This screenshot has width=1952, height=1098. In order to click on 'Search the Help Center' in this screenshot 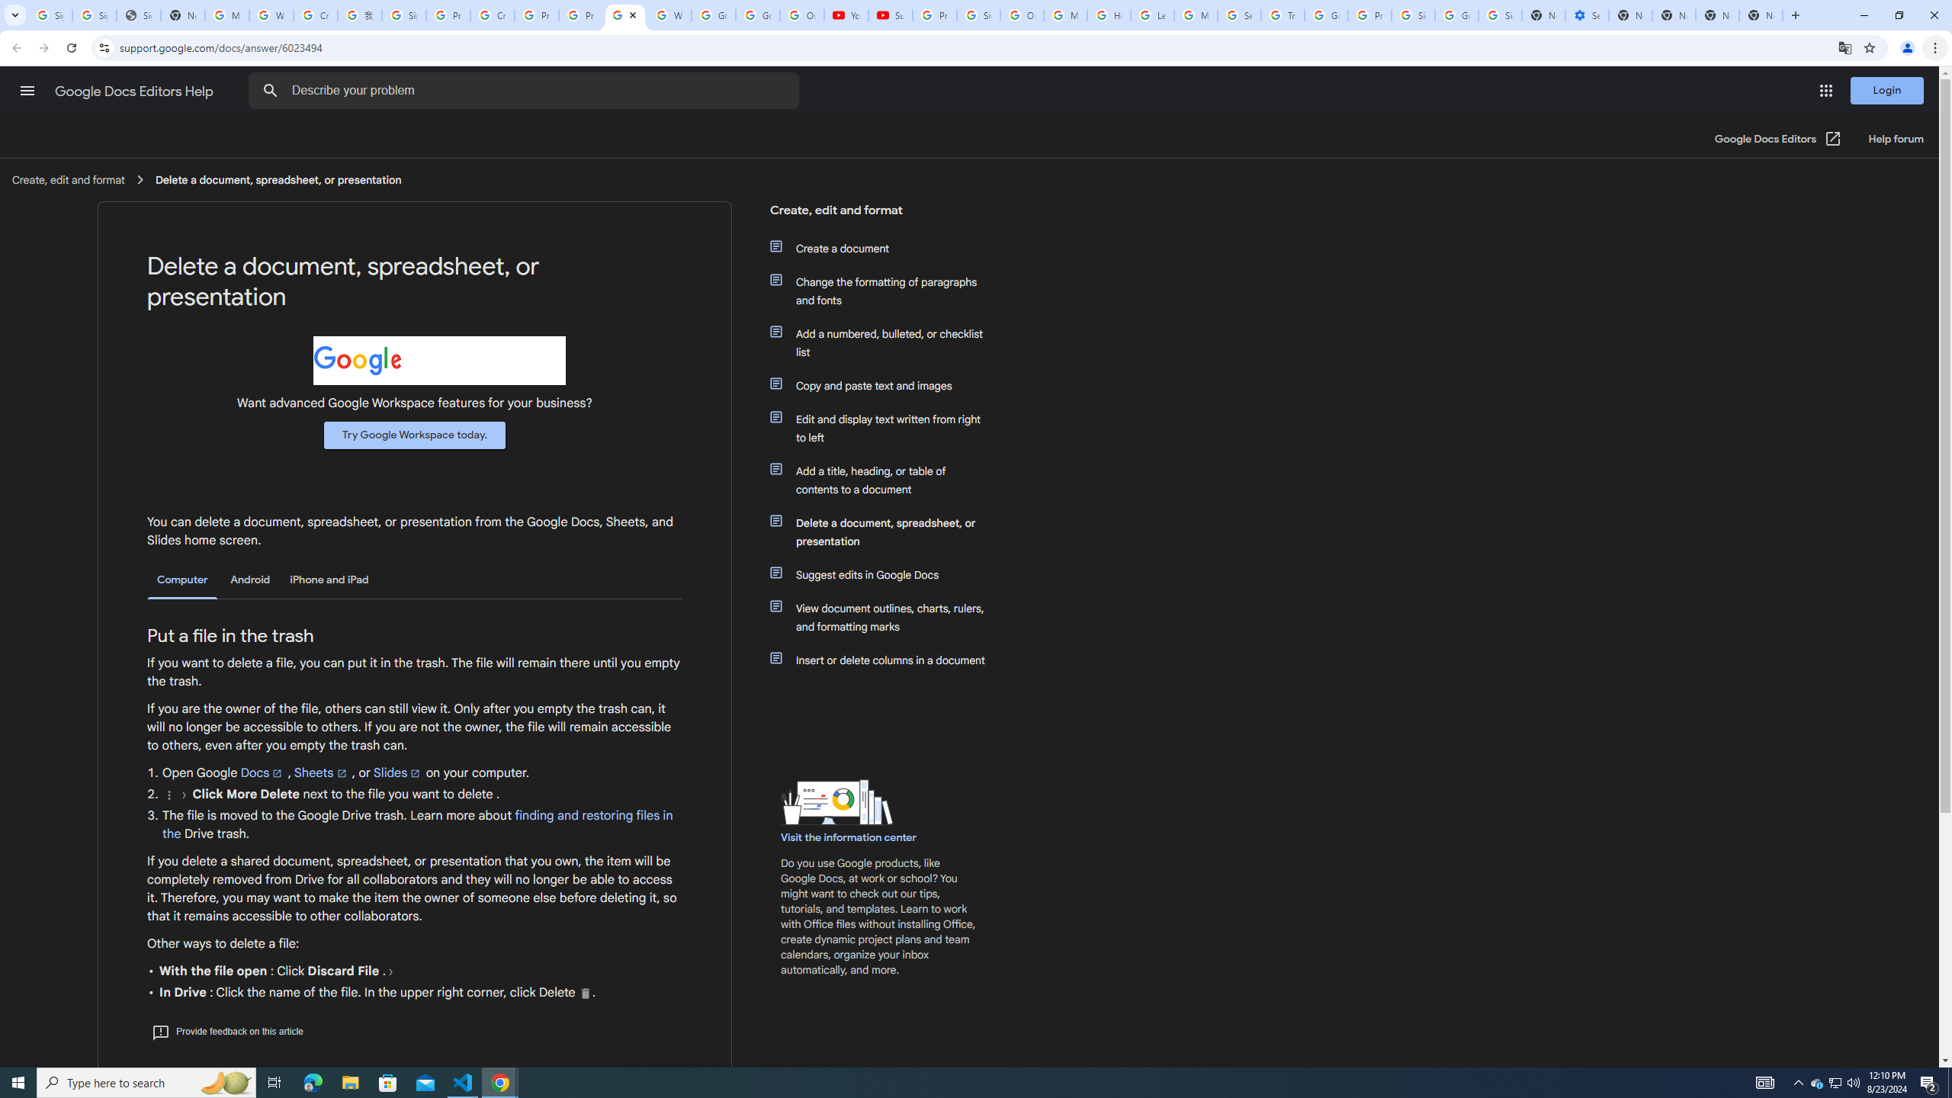, I will do `click(270, 90)`.